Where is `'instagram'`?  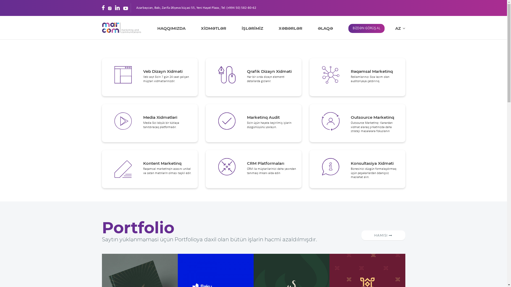
'instagram' is located at coordinates (109, 8).